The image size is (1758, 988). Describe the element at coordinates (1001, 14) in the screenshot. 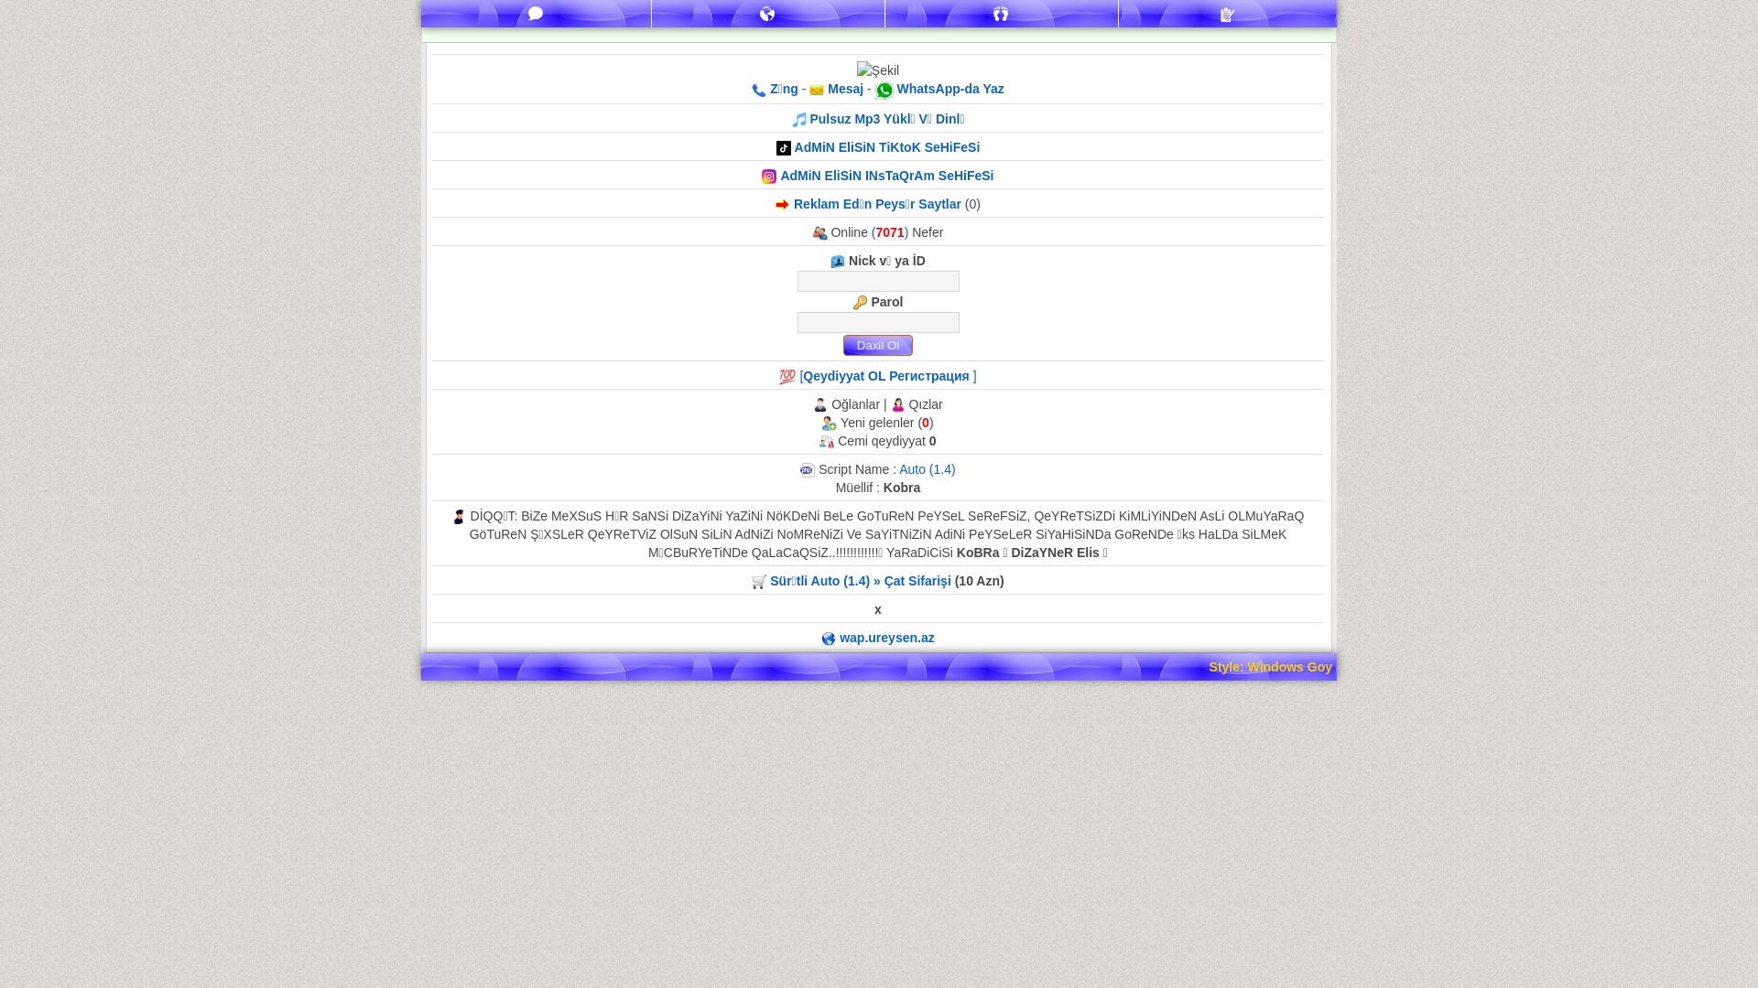

I see `'Qonaqlar'` at that location.